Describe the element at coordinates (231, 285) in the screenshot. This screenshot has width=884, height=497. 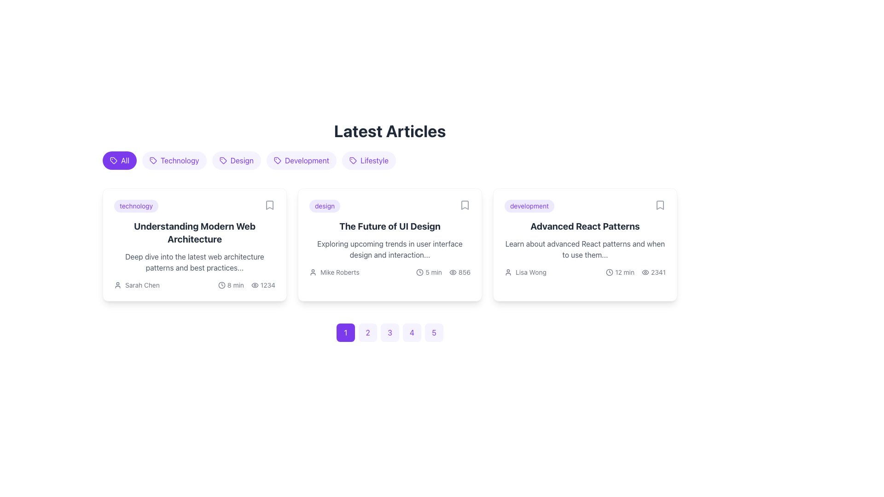
I see `'8 min' text label with a clock icon located in the bottom-left portion of the 'Understanding Modern Web Architecture' article card, which is the first element among its sibling information elements` at that location.